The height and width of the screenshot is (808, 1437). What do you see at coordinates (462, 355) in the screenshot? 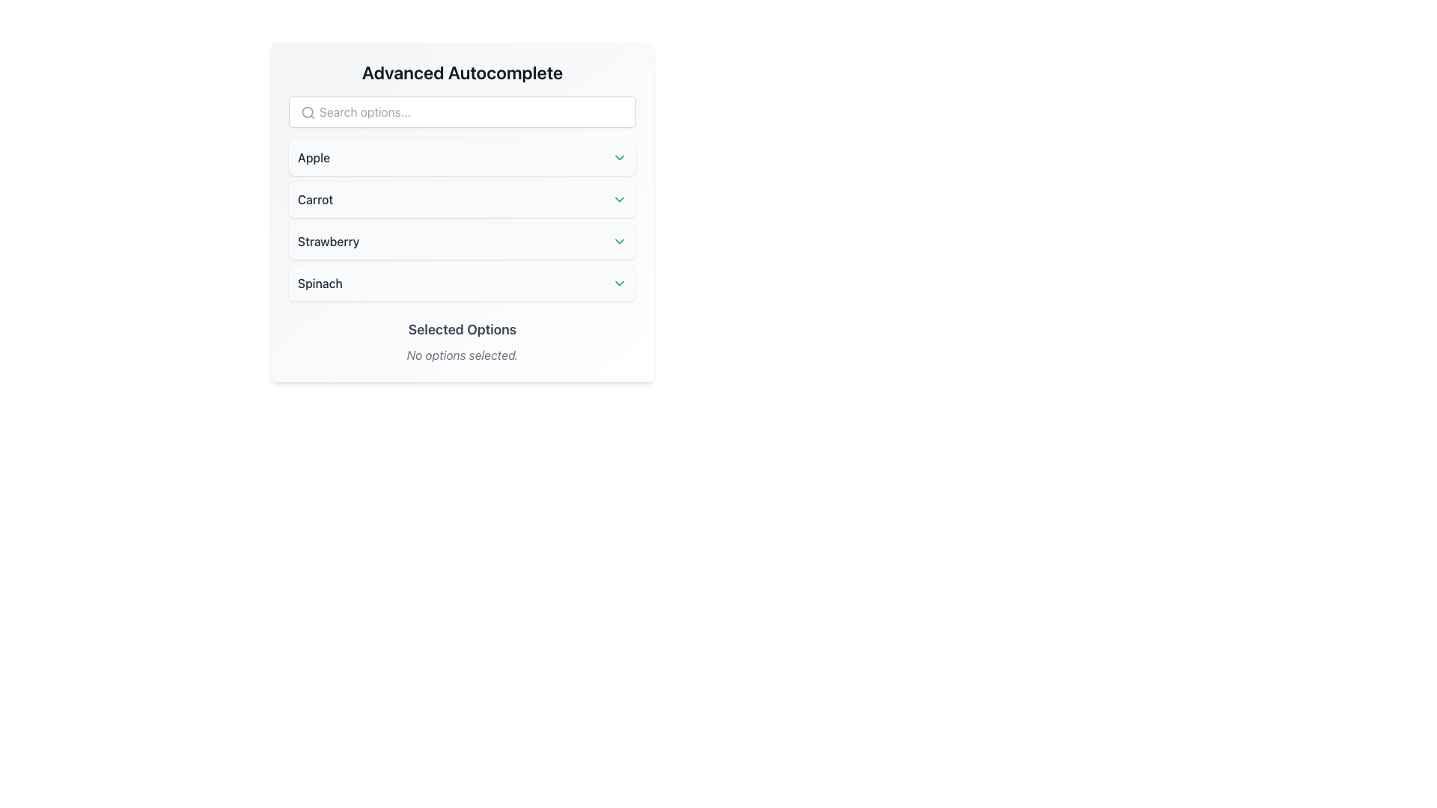
I see `the informational text label located below the 'Selected Options' title` at bounding box center [462, 355].